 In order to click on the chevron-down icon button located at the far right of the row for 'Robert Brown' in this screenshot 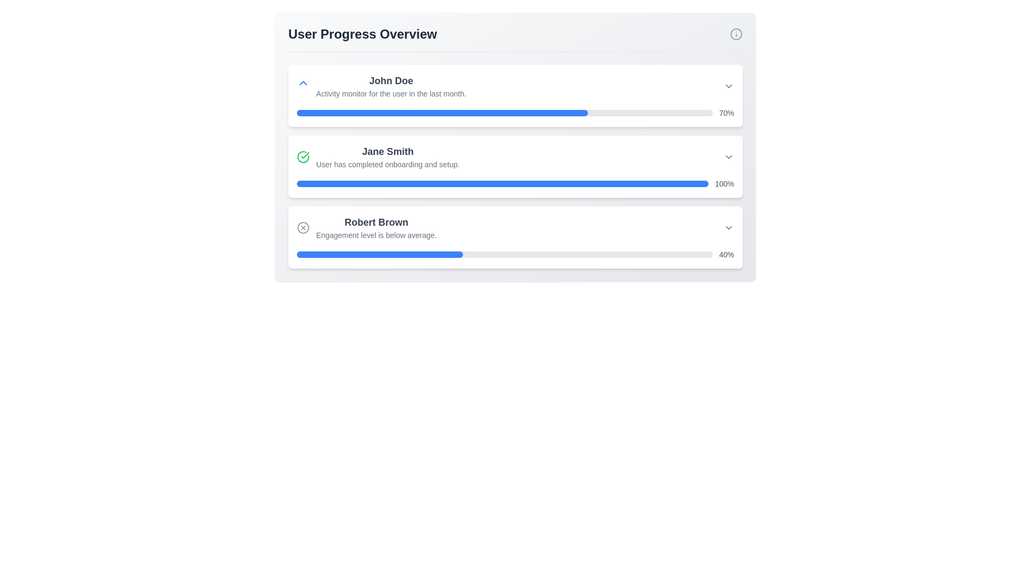, I will do `click(728, 227)`.